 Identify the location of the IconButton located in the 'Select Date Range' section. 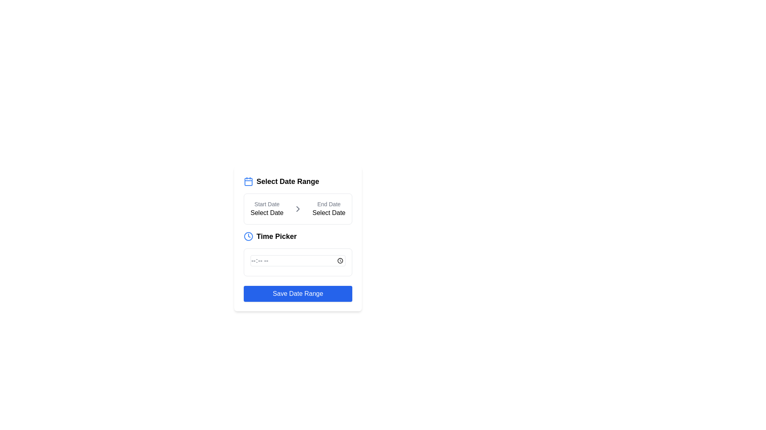
(298, 208).